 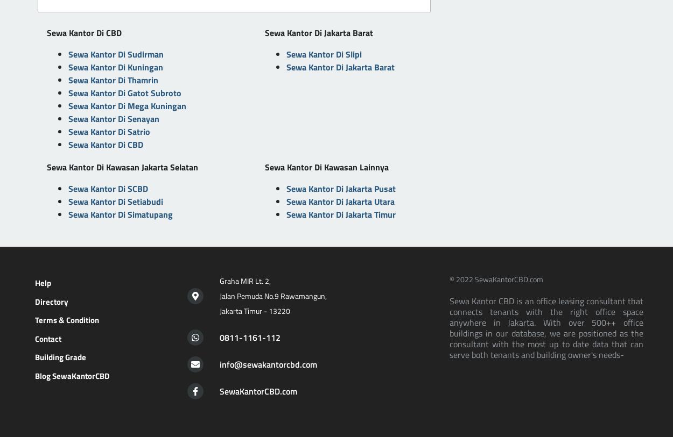 I want to click on 'Sewa Kantor Di Jakarta Pusat', so click(x=340, y=188).